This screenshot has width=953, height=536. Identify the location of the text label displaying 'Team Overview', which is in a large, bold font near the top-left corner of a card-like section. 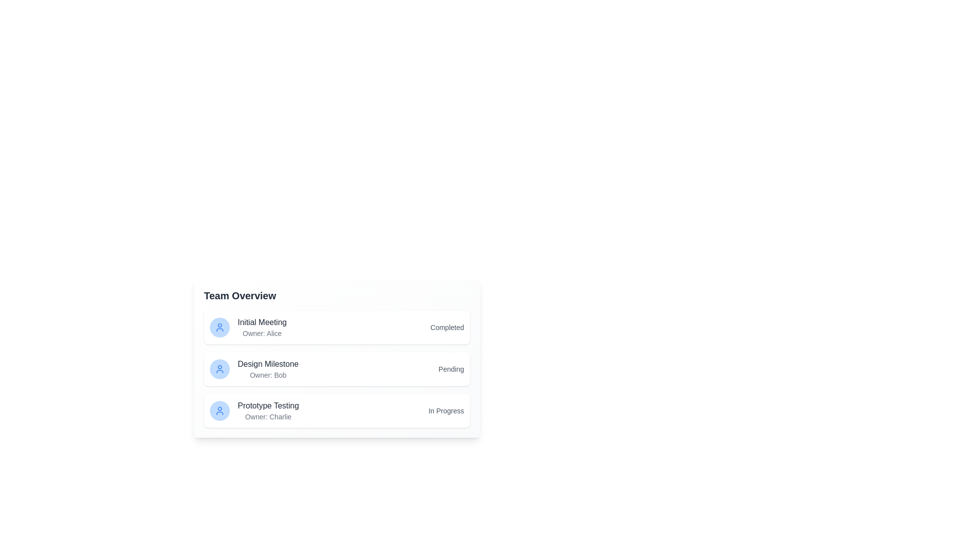
(240, 295).